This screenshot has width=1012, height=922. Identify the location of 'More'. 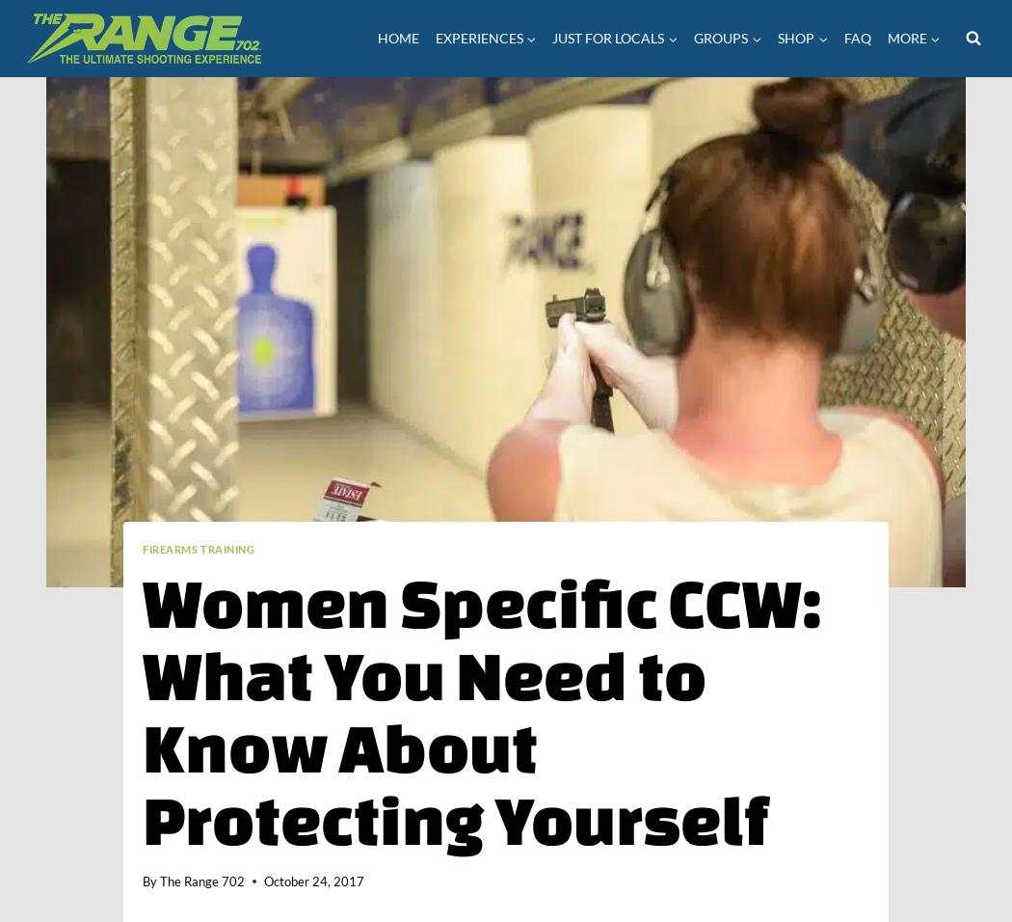
(905, 36).